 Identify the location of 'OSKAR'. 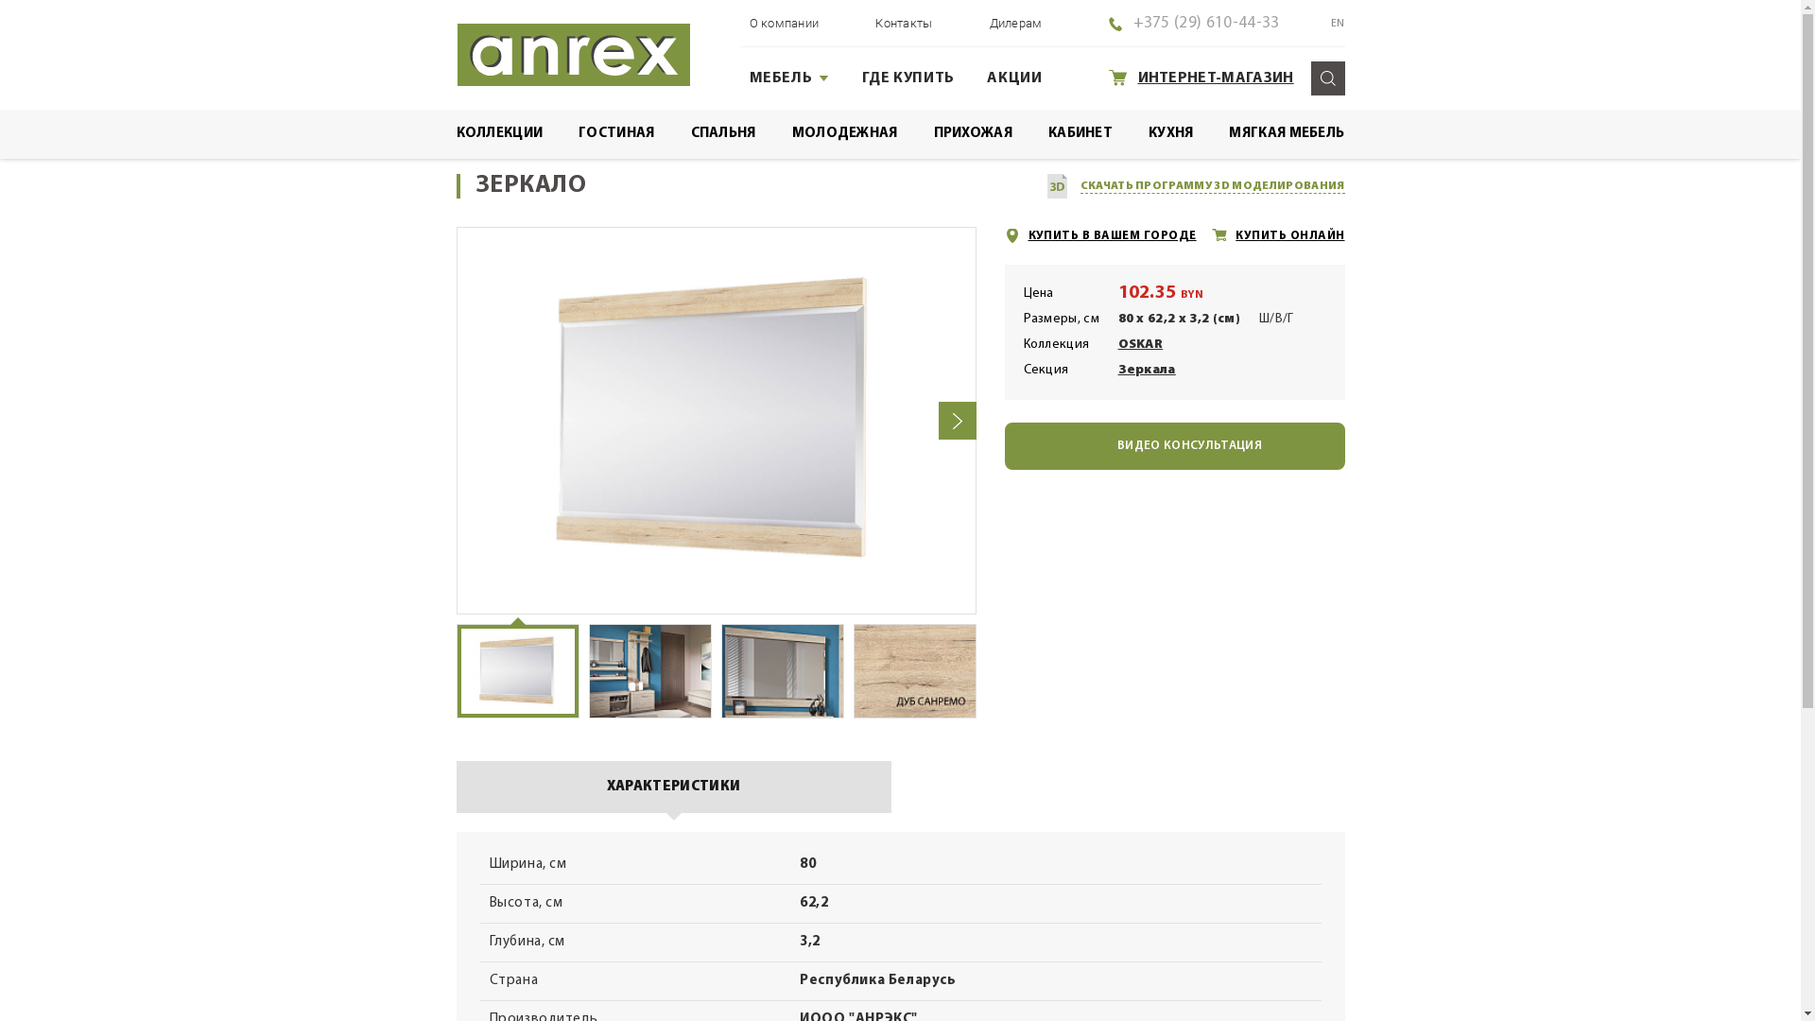
(1116, 345).